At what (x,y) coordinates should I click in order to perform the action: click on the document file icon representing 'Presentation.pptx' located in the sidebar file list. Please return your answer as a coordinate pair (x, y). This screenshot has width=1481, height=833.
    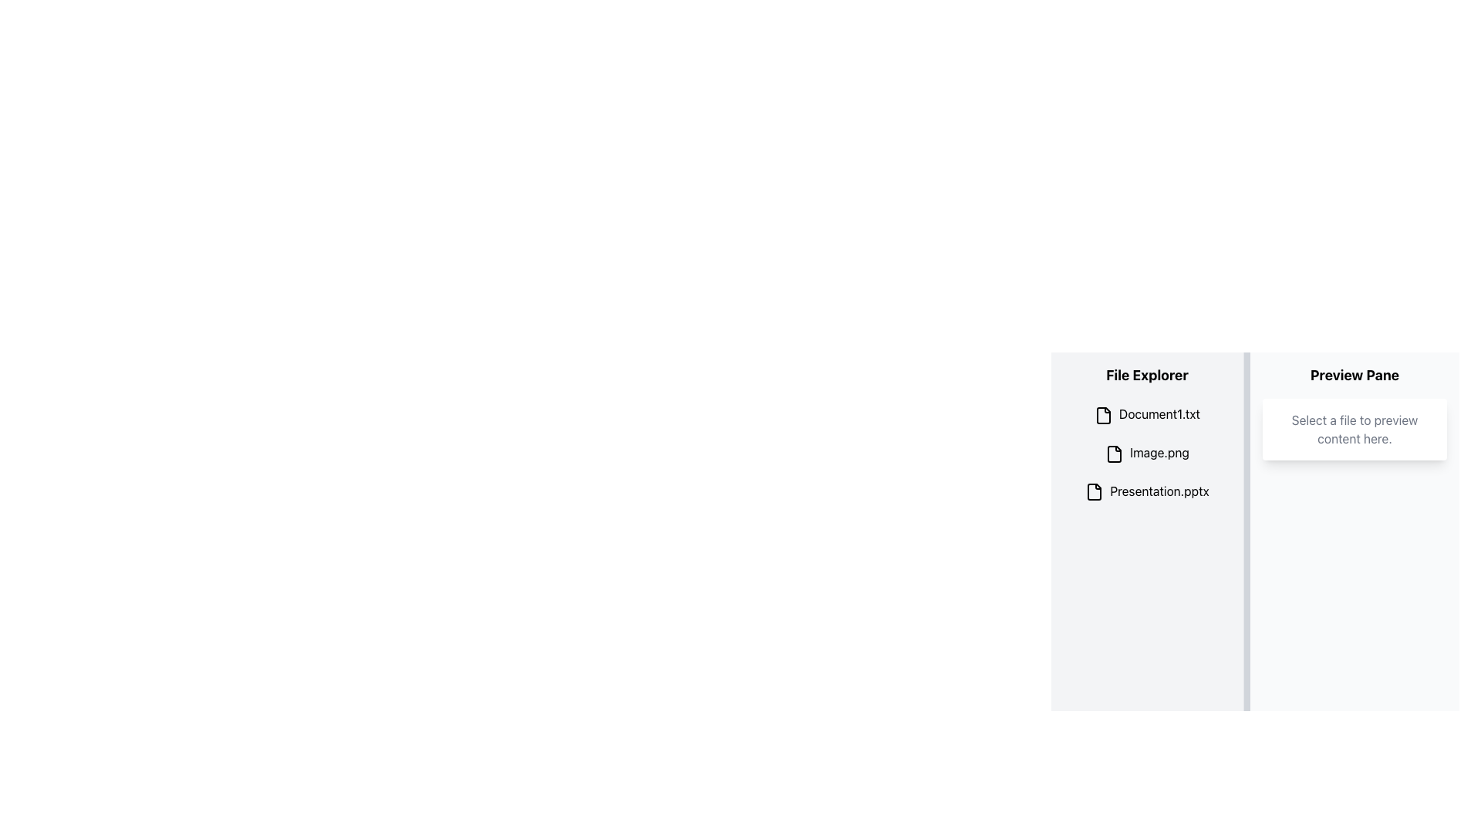
    Looking at the image, I should click on (1094, 492).